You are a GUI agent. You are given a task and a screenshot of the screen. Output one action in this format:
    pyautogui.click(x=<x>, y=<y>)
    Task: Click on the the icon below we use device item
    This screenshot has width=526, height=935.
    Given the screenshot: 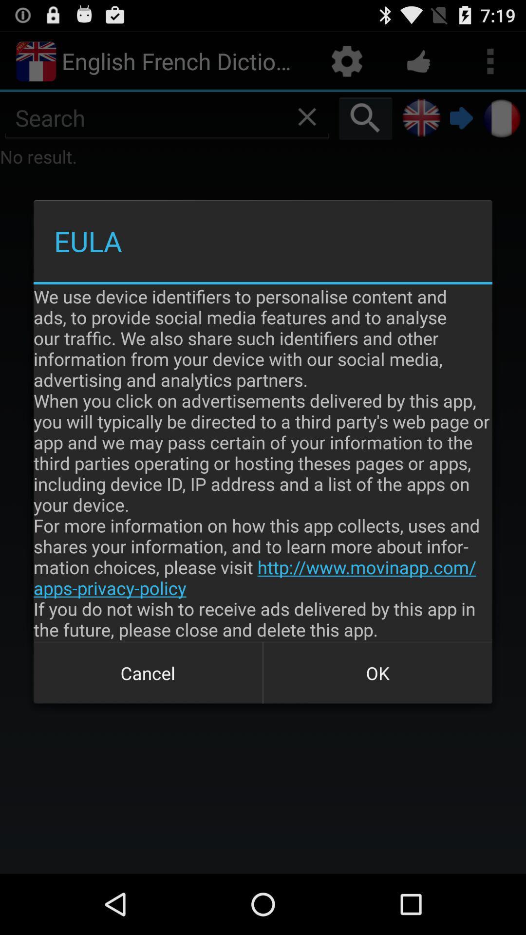 What is the action you would take?
    pyautogui.click(x=377, y=673)
    